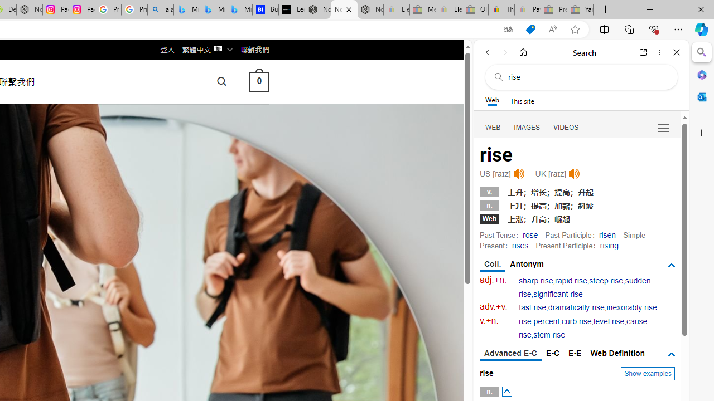 The height and width of the screenshot is (401, 714). What do you see at coordinates (574, 174) in the screenshot?
I see `'Click to listen'` at bounding box center [574, 174].